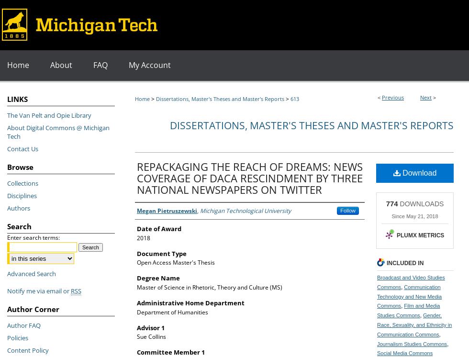 The width and height of the screenshot is (469, 357). What do you see at coordinates (382, 97) in the screenshot?
I see `'Previous'` at bounding box center [382, 97].